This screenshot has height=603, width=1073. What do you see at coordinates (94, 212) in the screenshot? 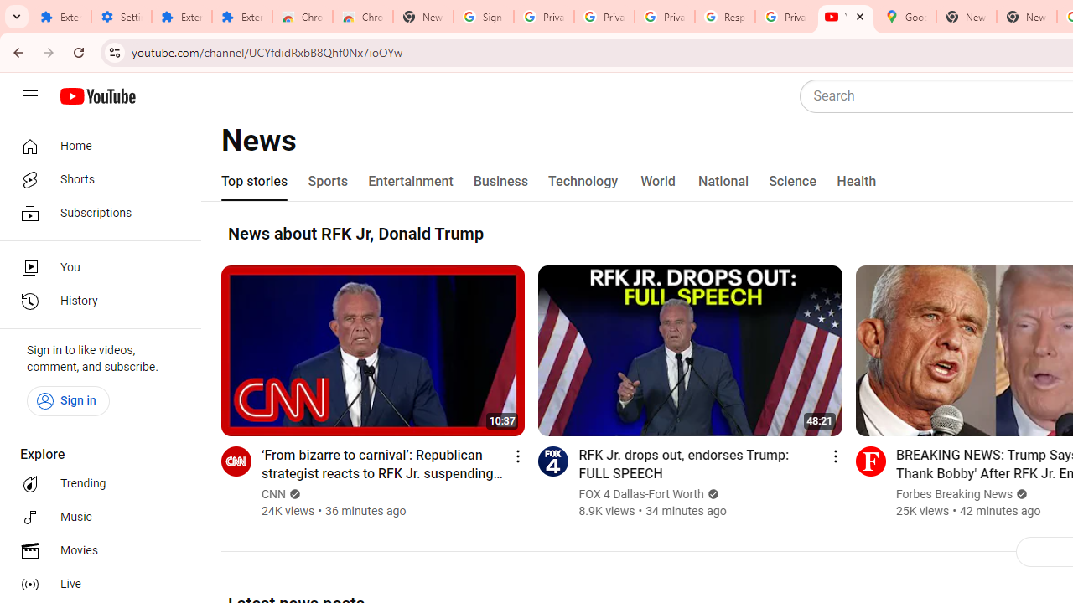
I see `'Subscriptions'` at bounding box center [94, 212].